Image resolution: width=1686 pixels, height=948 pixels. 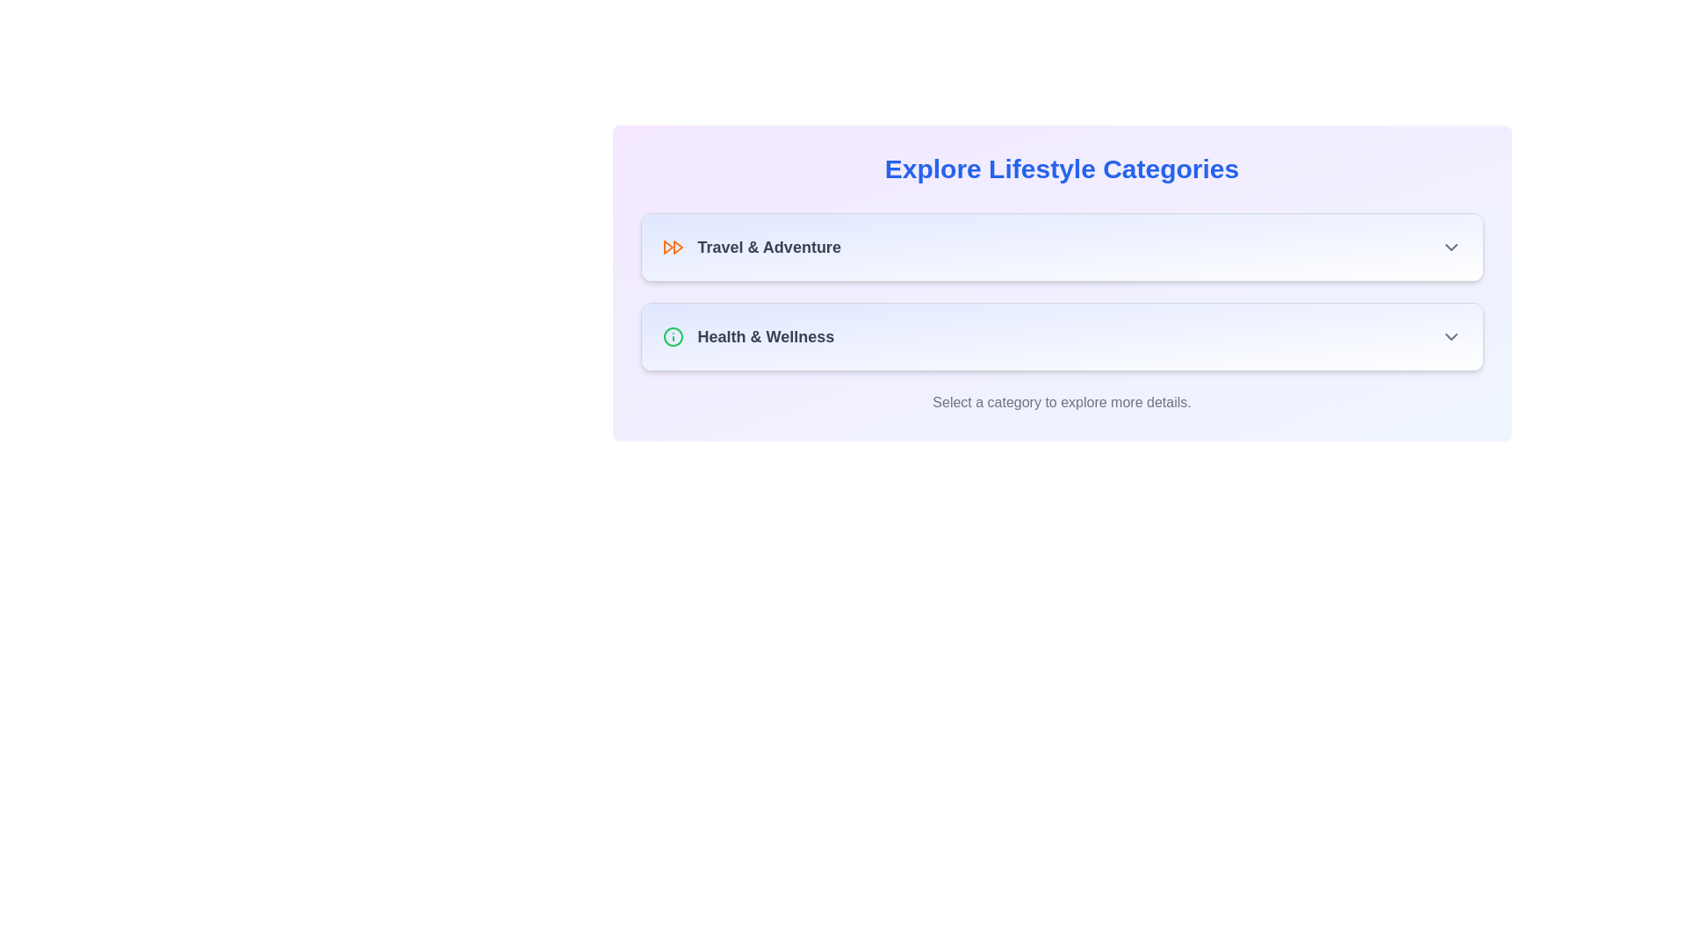 I want to click on the triangular icon fragment that points to the right, located in the top section of the interface next to the 'Travel & Adventure' label, so click(x=677, y=247).